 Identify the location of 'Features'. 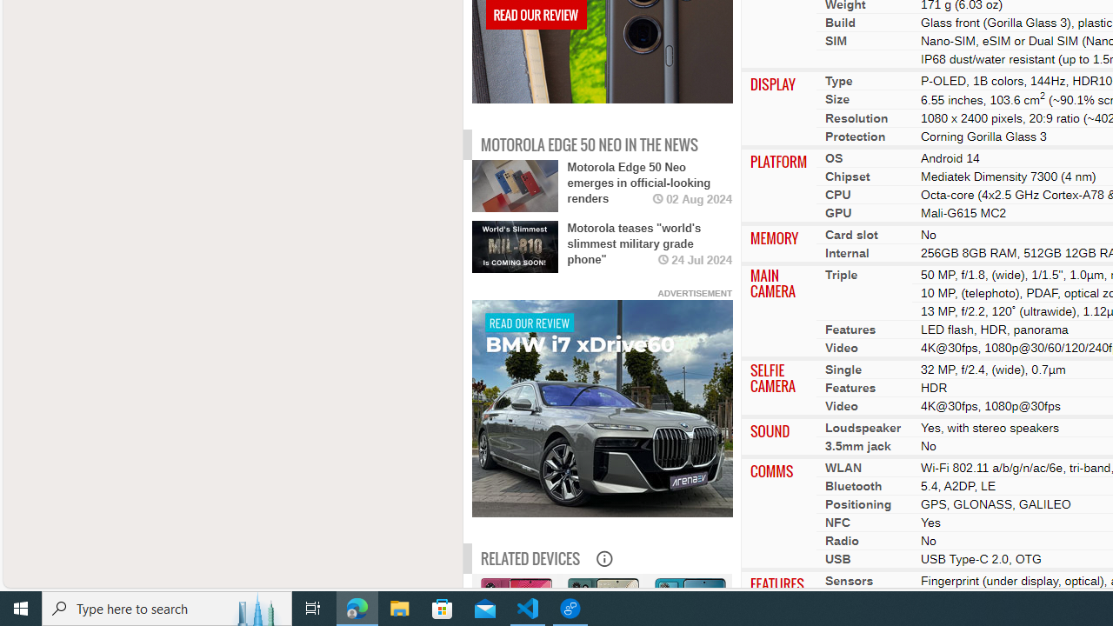
(850, 386).